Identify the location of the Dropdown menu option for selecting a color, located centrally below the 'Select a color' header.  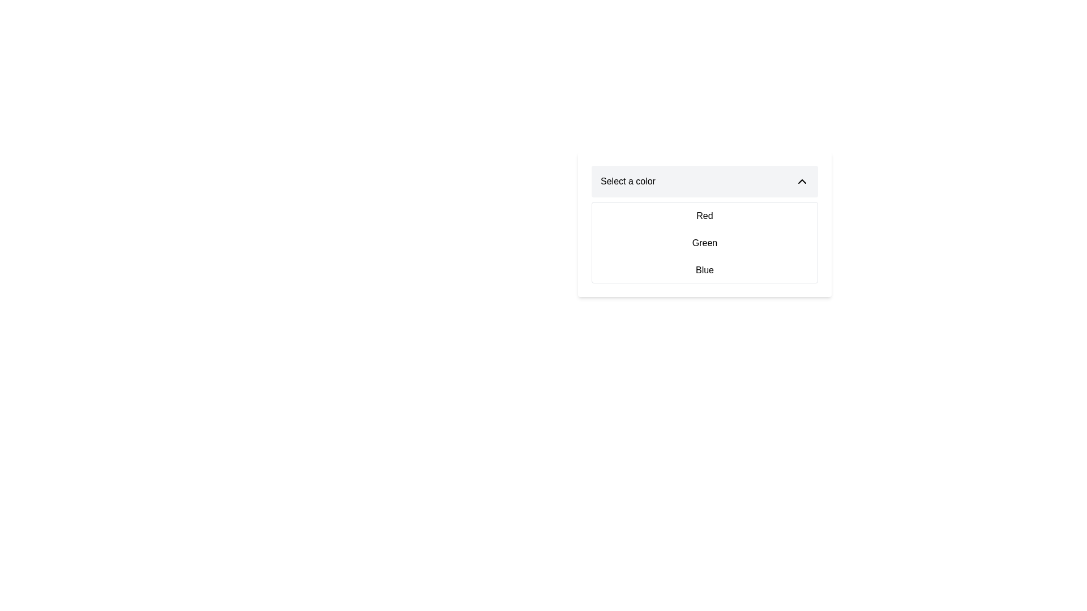
(704, 225).